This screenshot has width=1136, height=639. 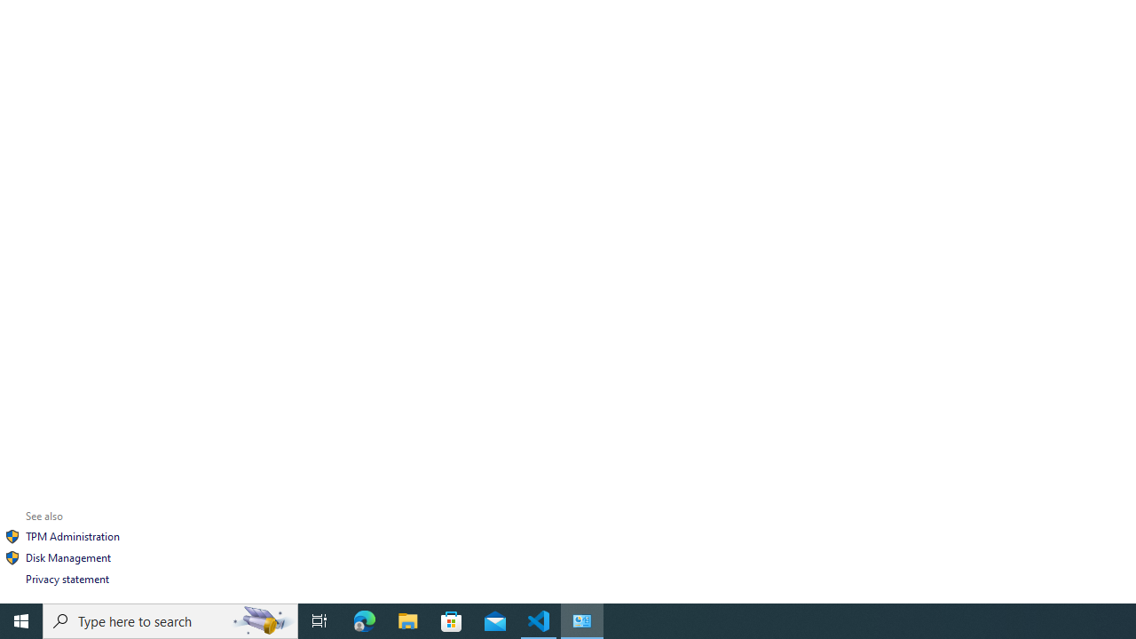 What do you see at coordinates (67, 556) in the screenshot?
I see `'Disk Management'` at bounding box center [67, 556].